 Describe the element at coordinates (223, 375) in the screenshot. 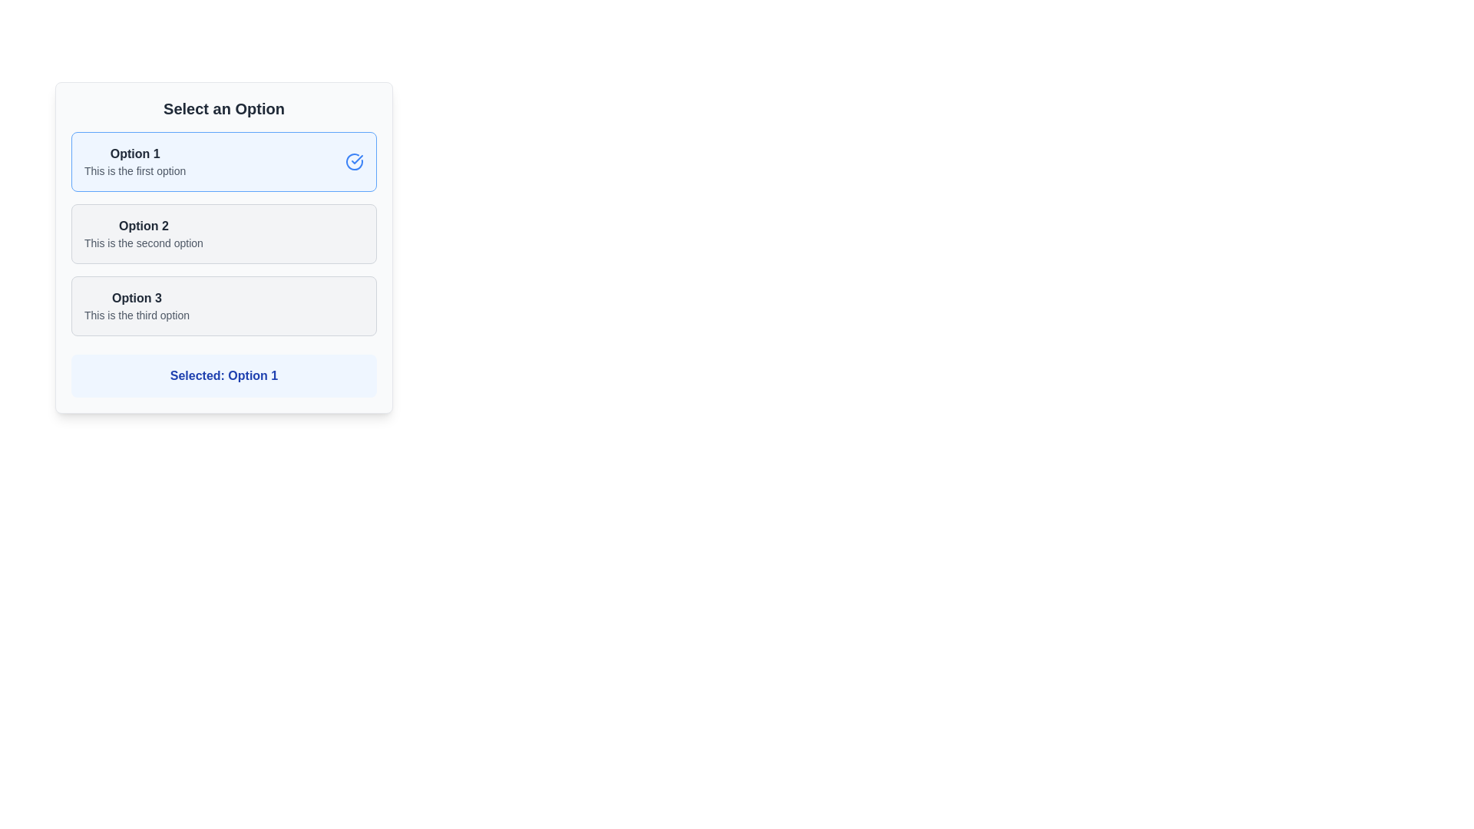

I see `the Text display area located at the bottom of the card interface, which shows the currently selected option among 'Option 1', 'Option 2', and 'Option 3'` at that location.